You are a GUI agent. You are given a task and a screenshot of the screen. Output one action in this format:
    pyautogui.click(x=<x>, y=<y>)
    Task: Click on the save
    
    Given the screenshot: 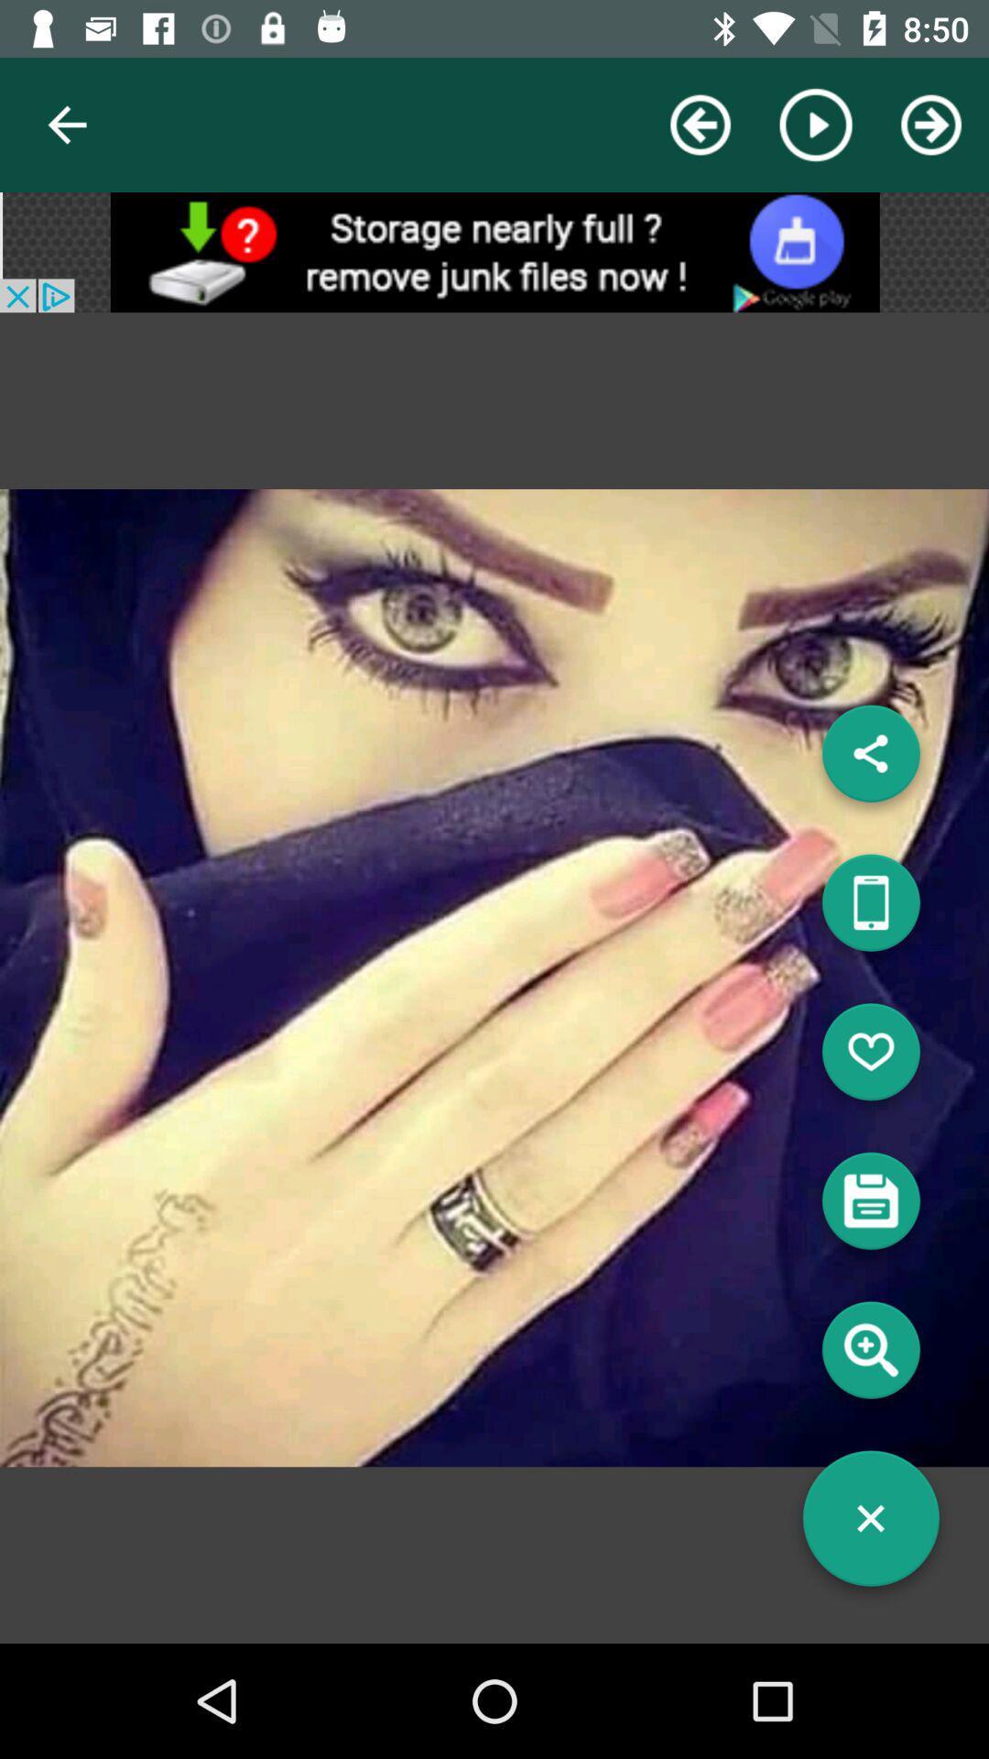 What is the action you would take?
    pyautogui.click(x=870, y=1207)
    